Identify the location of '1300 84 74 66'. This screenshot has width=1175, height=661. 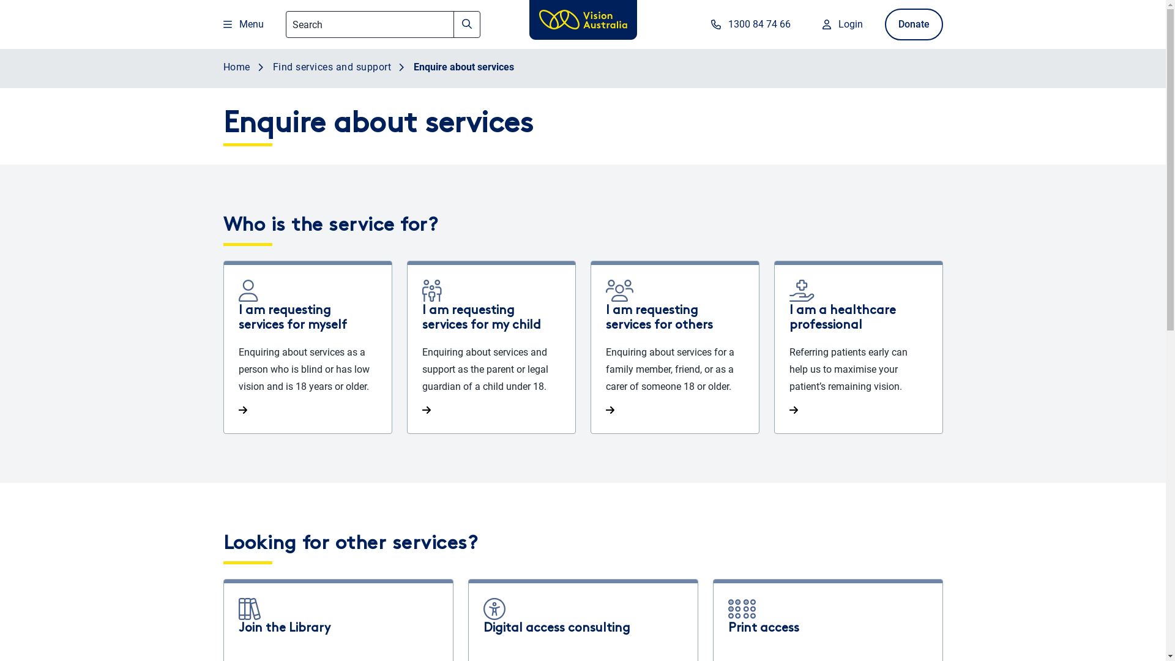
(748, 24).